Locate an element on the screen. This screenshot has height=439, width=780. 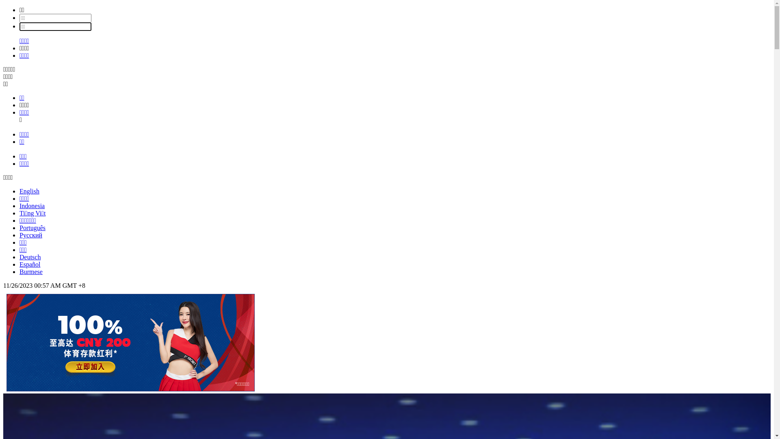
'Deutsch' is located at coordinates (30, 257).